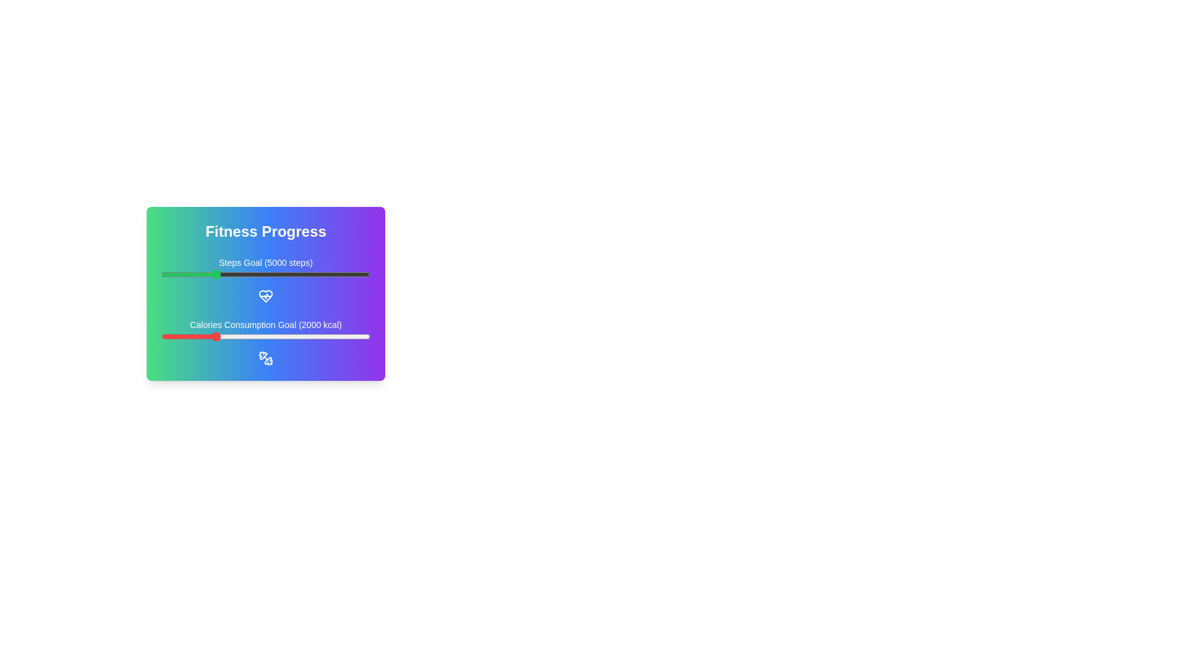 This screenshot has width=1193, height=671. I want to click on the 'Fitness Progress' static text label, which displays bold, white text on a gradient background, positioned at the top of its containing card, so click(265, 232).